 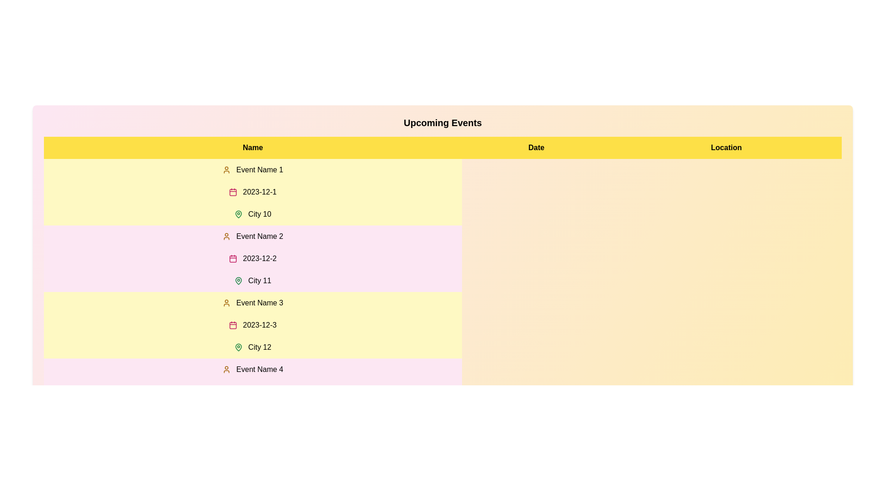 I want to click on the user icon in the first row to view its representation, so click(x=226, y=170).